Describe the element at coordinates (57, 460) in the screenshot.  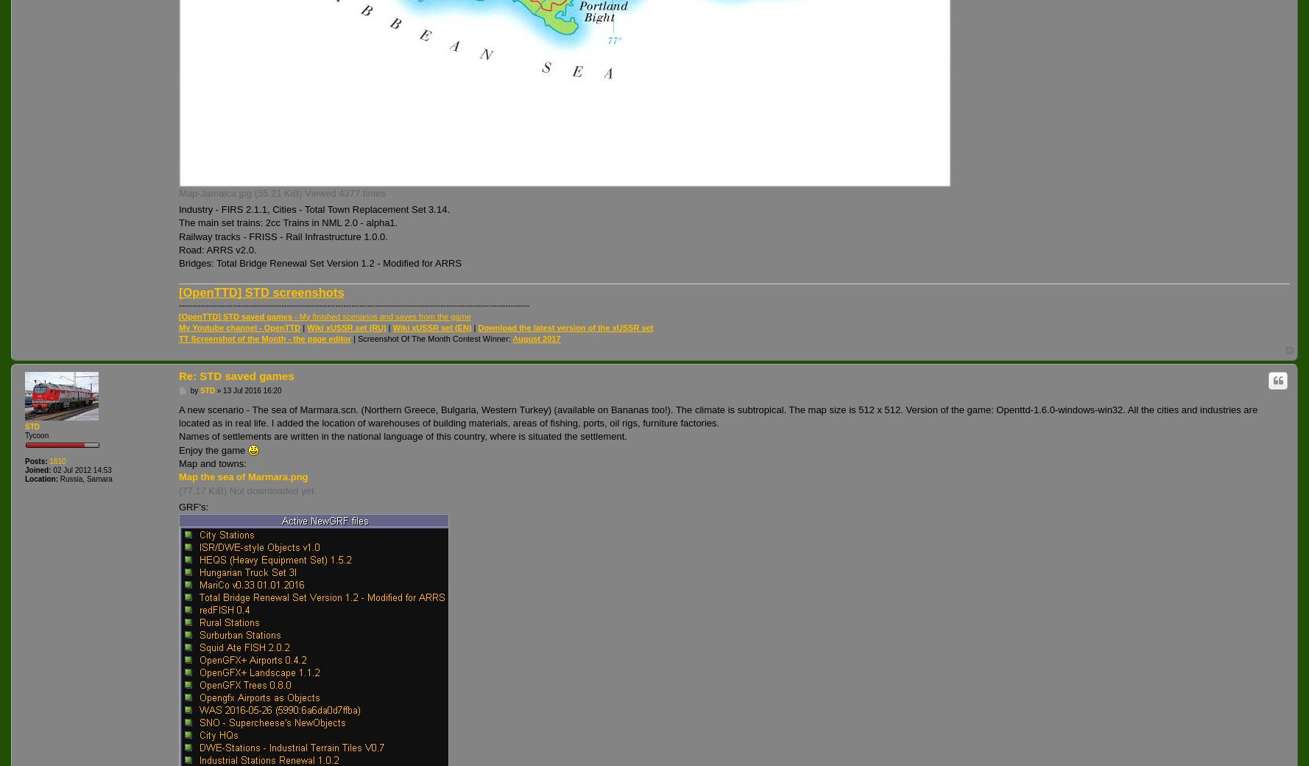
I see `'1810'` at that location.